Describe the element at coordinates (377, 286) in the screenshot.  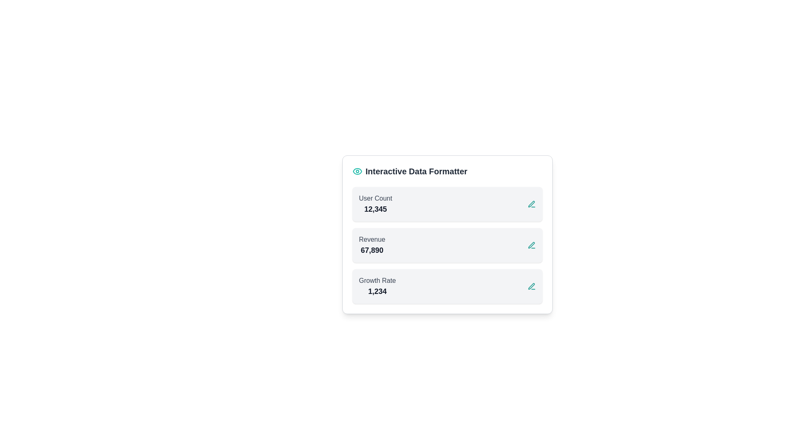
I see `the Data label displaying 'Growth Rate' and its value '1,234' located under the 'Interactive Data Formatter' section` at that location.